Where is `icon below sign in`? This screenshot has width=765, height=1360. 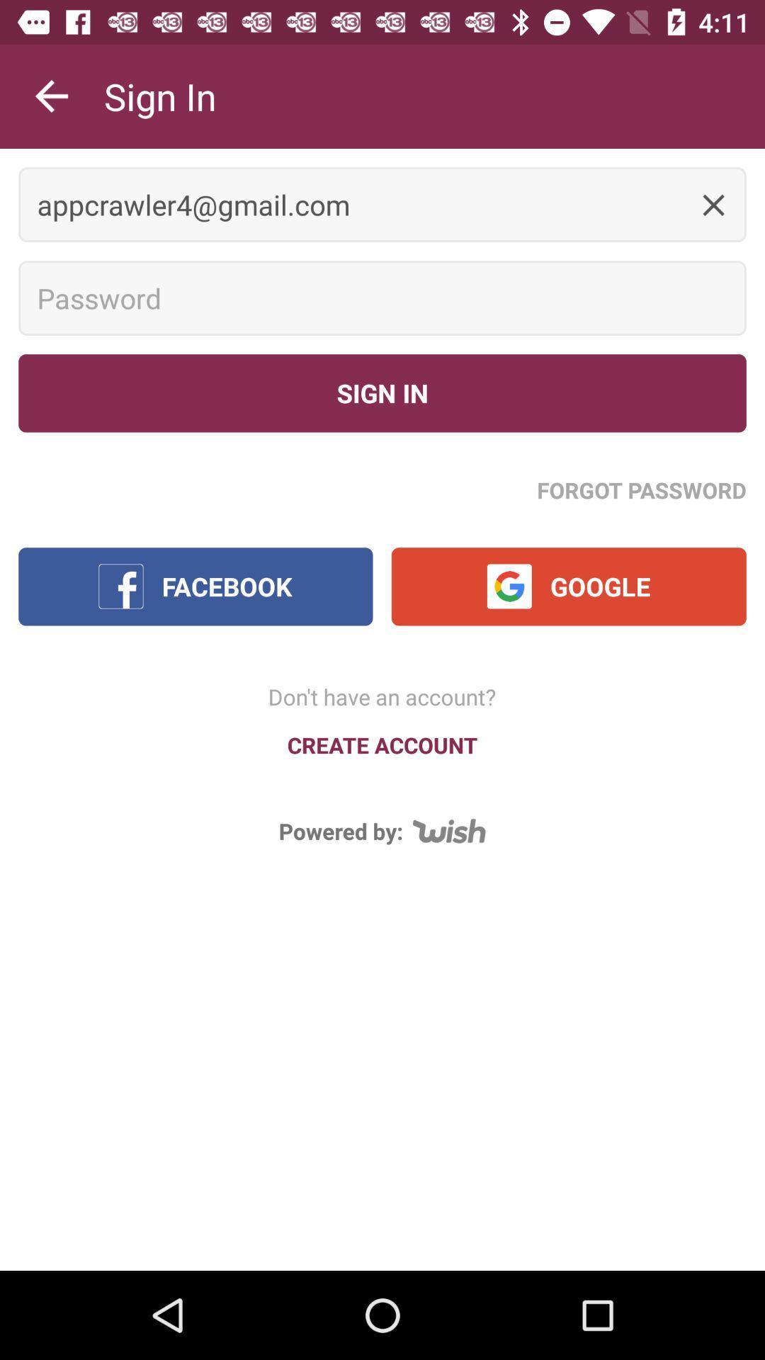 icon below sign in is located at coordinates (642, 489).